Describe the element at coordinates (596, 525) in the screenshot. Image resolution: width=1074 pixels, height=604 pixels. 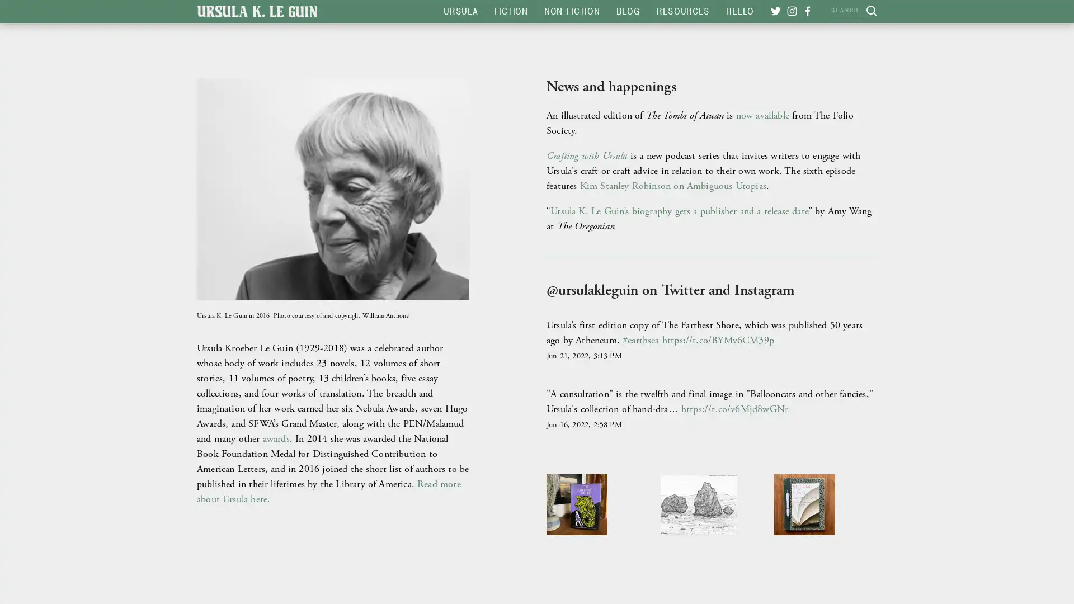
I see `View fullsize Ursula&rsquo;s first edition copy of The Farthest Shore, the third book of Earthsea, which celebrates its 50th anniversary this year. #ursulakleguin #ursulaleguin #earthsea #thefarthestshore` at that location.